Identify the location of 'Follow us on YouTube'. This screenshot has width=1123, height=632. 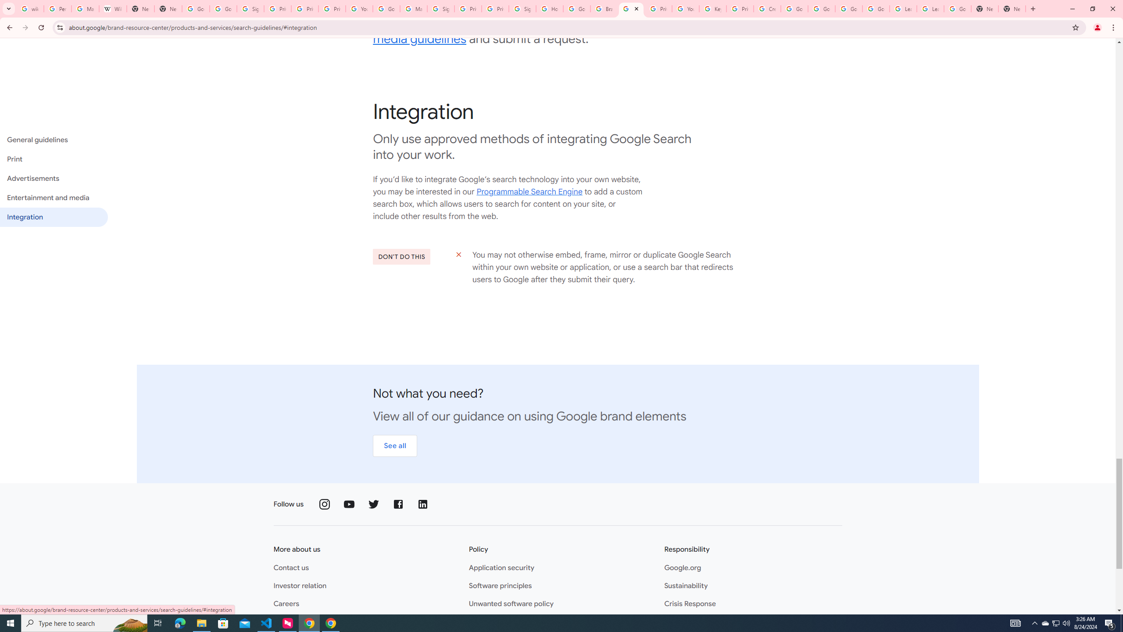
(349, 504).